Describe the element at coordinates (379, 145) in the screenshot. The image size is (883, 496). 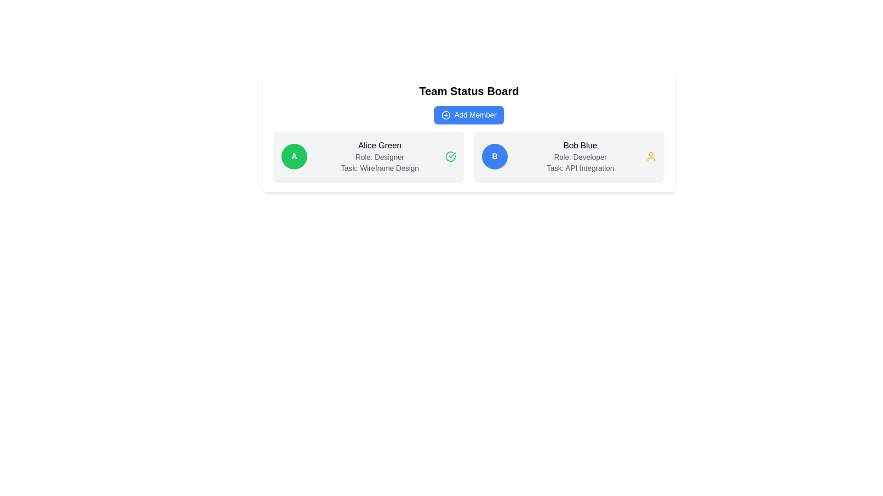
I see `name displayed on the text label showing 'Alice Green', which is centrally located in the left-side panel above the role and task descriptions` at that location.